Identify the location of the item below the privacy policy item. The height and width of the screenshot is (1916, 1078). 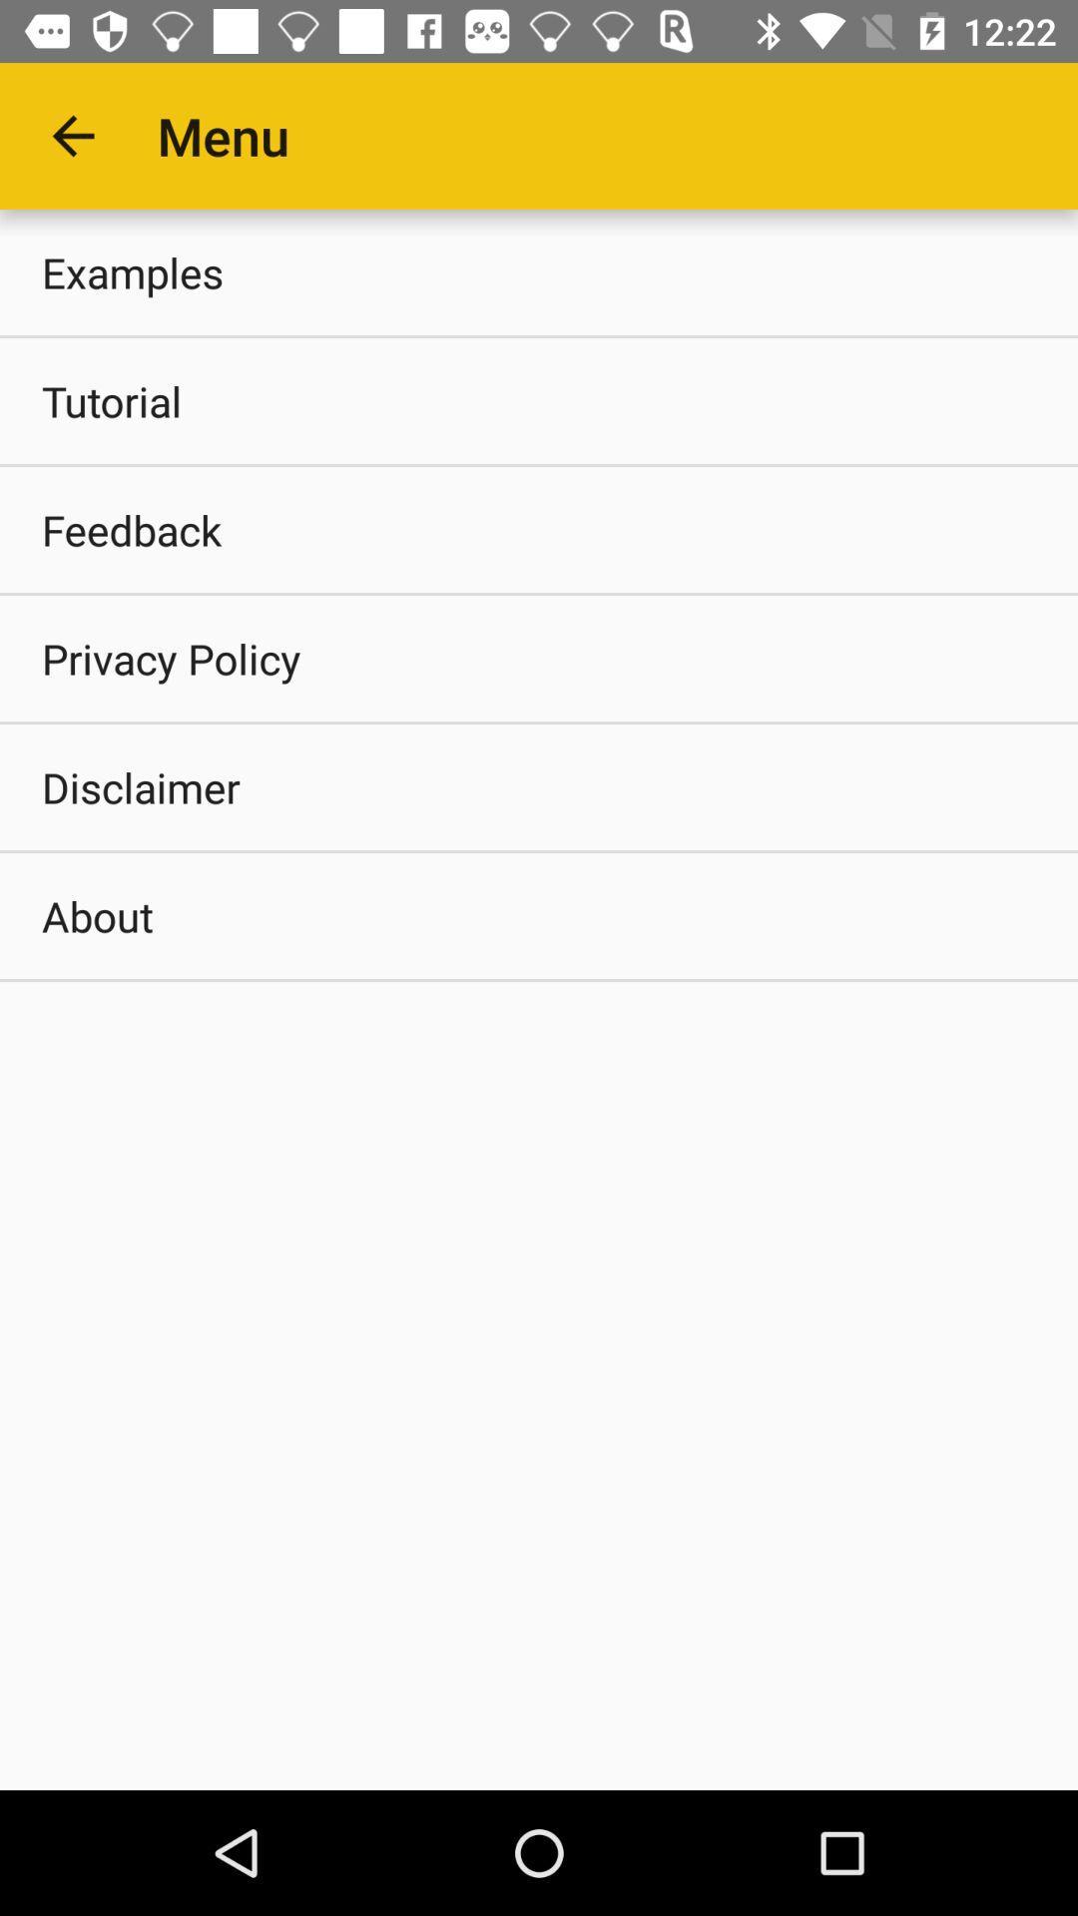
(539, 785).